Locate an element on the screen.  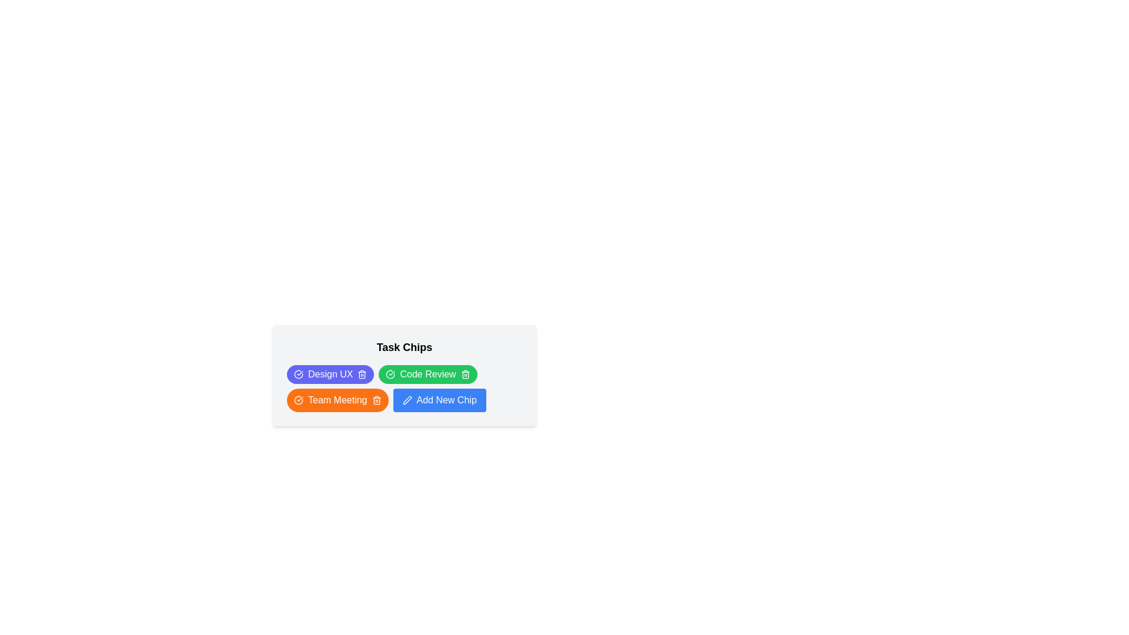
the green 'Code Review' chip element, which features a checkmark icon on the left and a trash icon for deletion on the right is located at coordinates (427, 374).